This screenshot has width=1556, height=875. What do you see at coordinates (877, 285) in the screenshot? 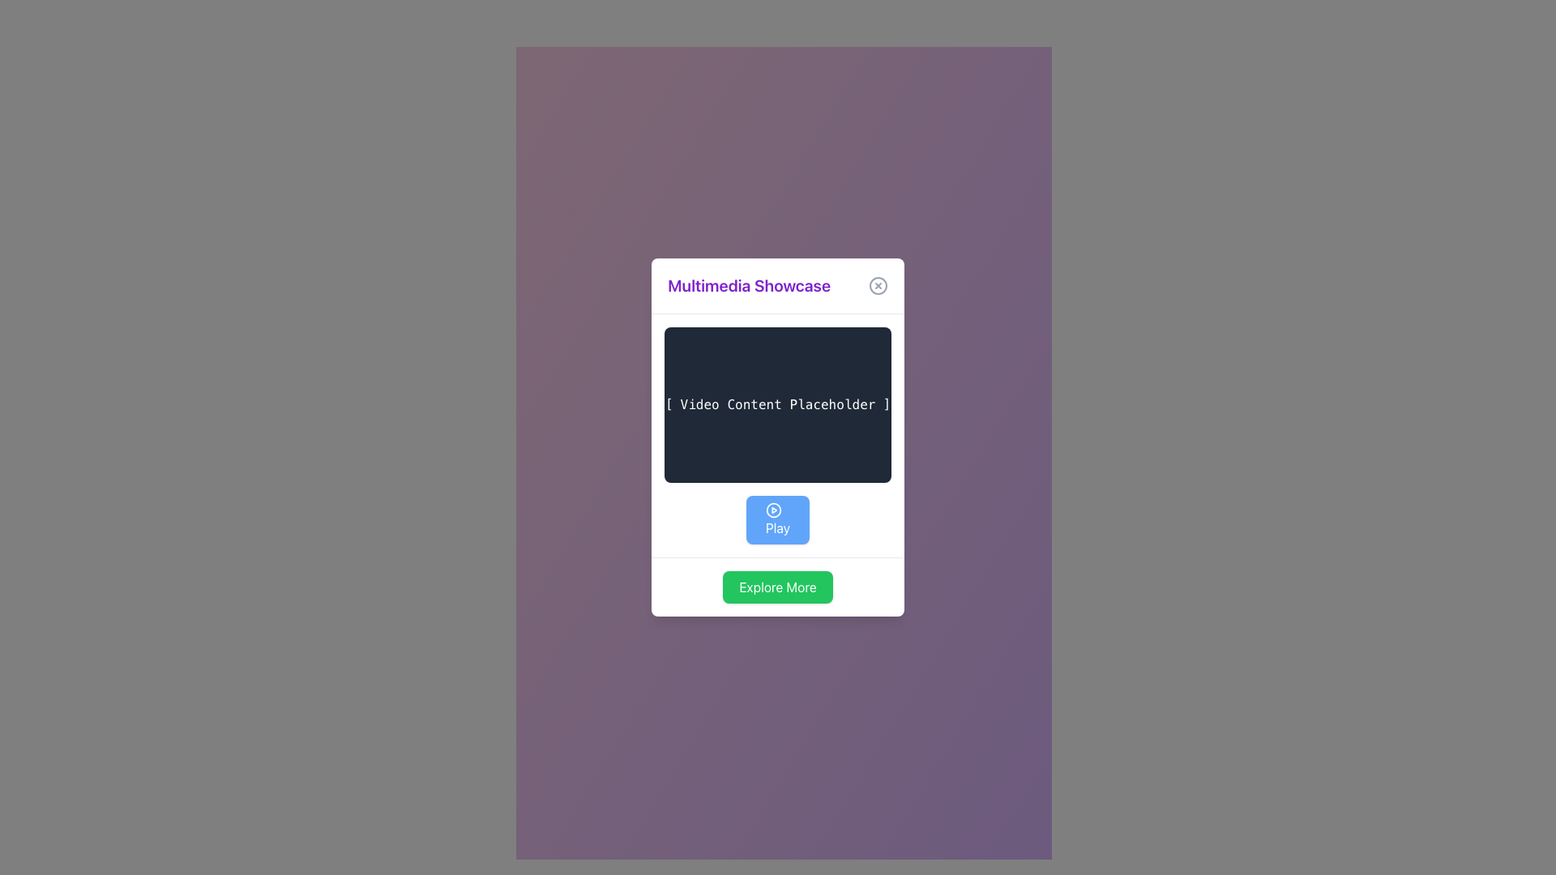
I see `the circular close button located at the top-right corner of the header section of the 'Multimedia Showcase' card` at bounding box center [877, 285].